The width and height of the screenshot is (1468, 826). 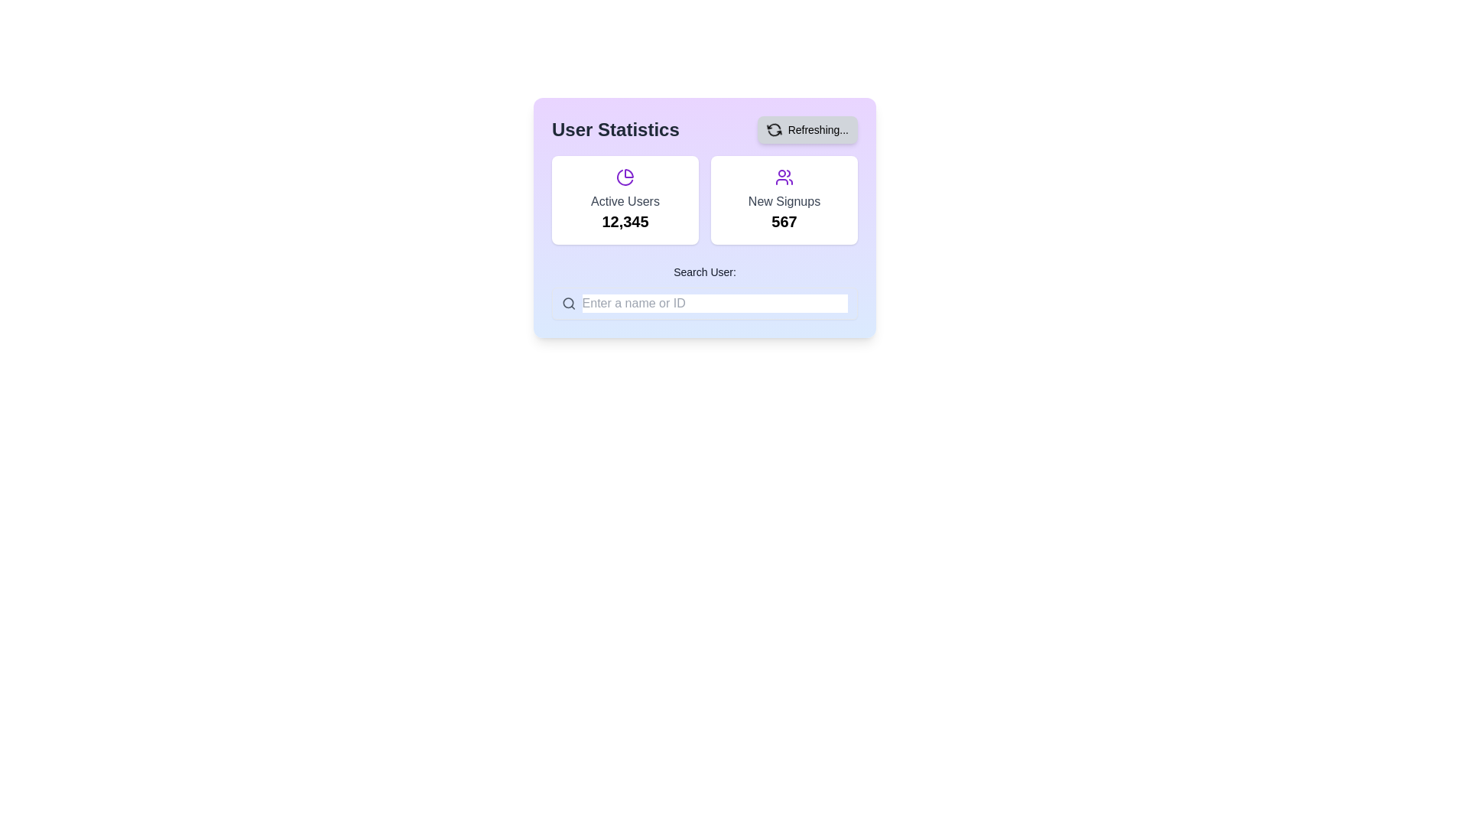 I want to click on the decorative chart icon located on the top-right segment of the pie chart, which visually represents data visualization concepts in the user interface, so click(x=628, y=173).